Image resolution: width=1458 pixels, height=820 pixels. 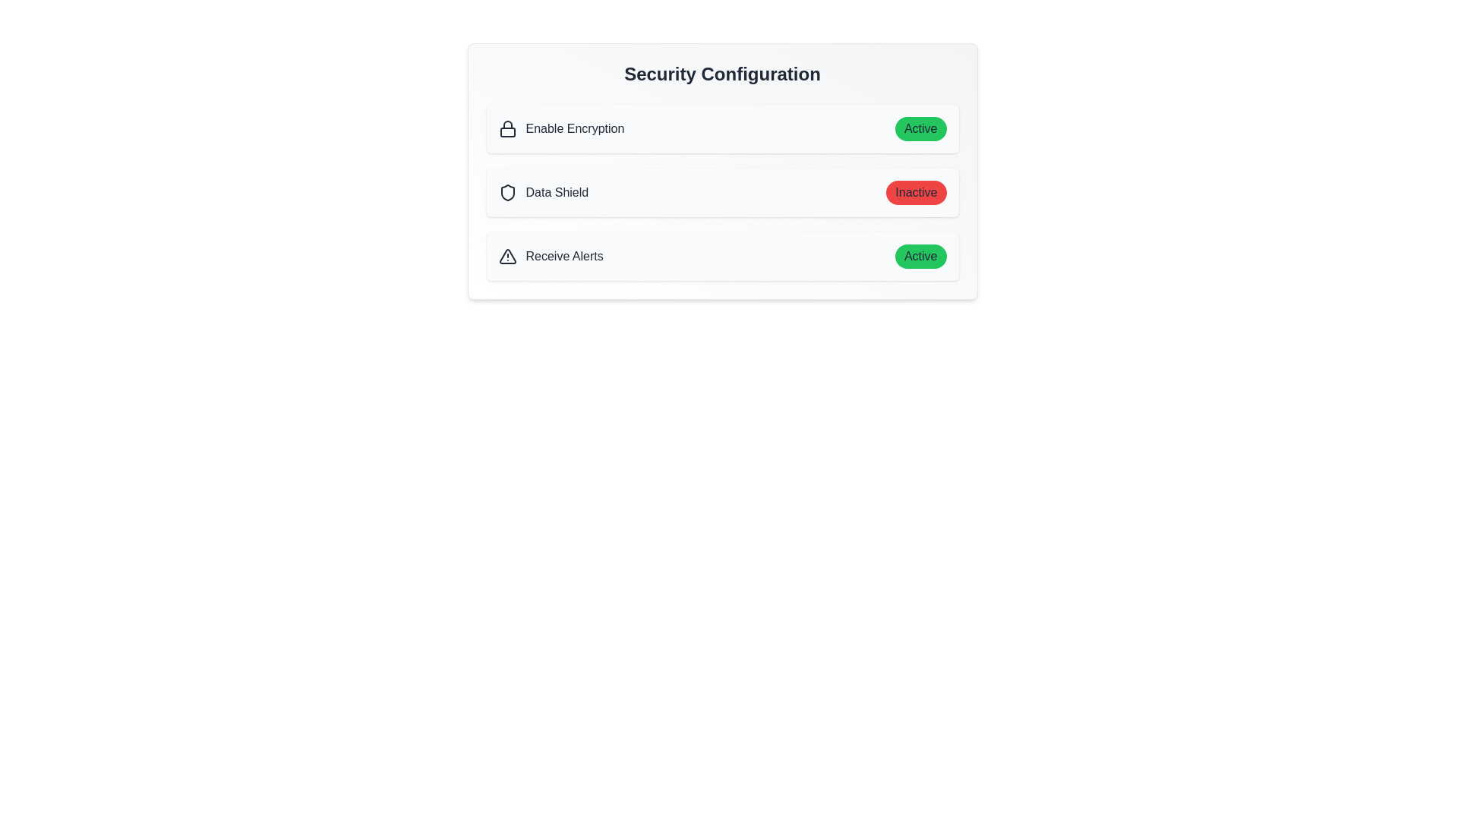 What do you see at coordinates (507, 128) in the screenshot?
I see `the appearance of the 'Enable Encryption' icon located in the first row of the 'Security Configuration' panel, positioned left of the label text 'Enable Encryption'` at bounding box center [507, 128].